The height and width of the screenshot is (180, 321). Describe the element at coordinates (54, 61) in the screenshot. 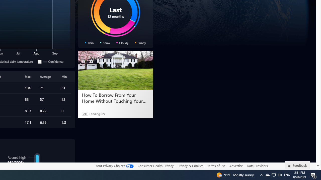

I see `'Confidence'` at that location.